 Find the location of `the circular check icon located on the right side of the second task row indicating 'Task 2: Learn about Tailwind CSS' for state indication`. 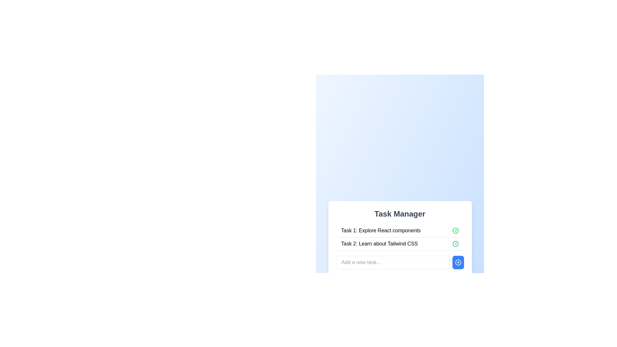

the circular check icon located on the right side of the second task row indicating 'Task 2: Learn about Tailwind CSS' for state indication is located at coordinates (455, 244).